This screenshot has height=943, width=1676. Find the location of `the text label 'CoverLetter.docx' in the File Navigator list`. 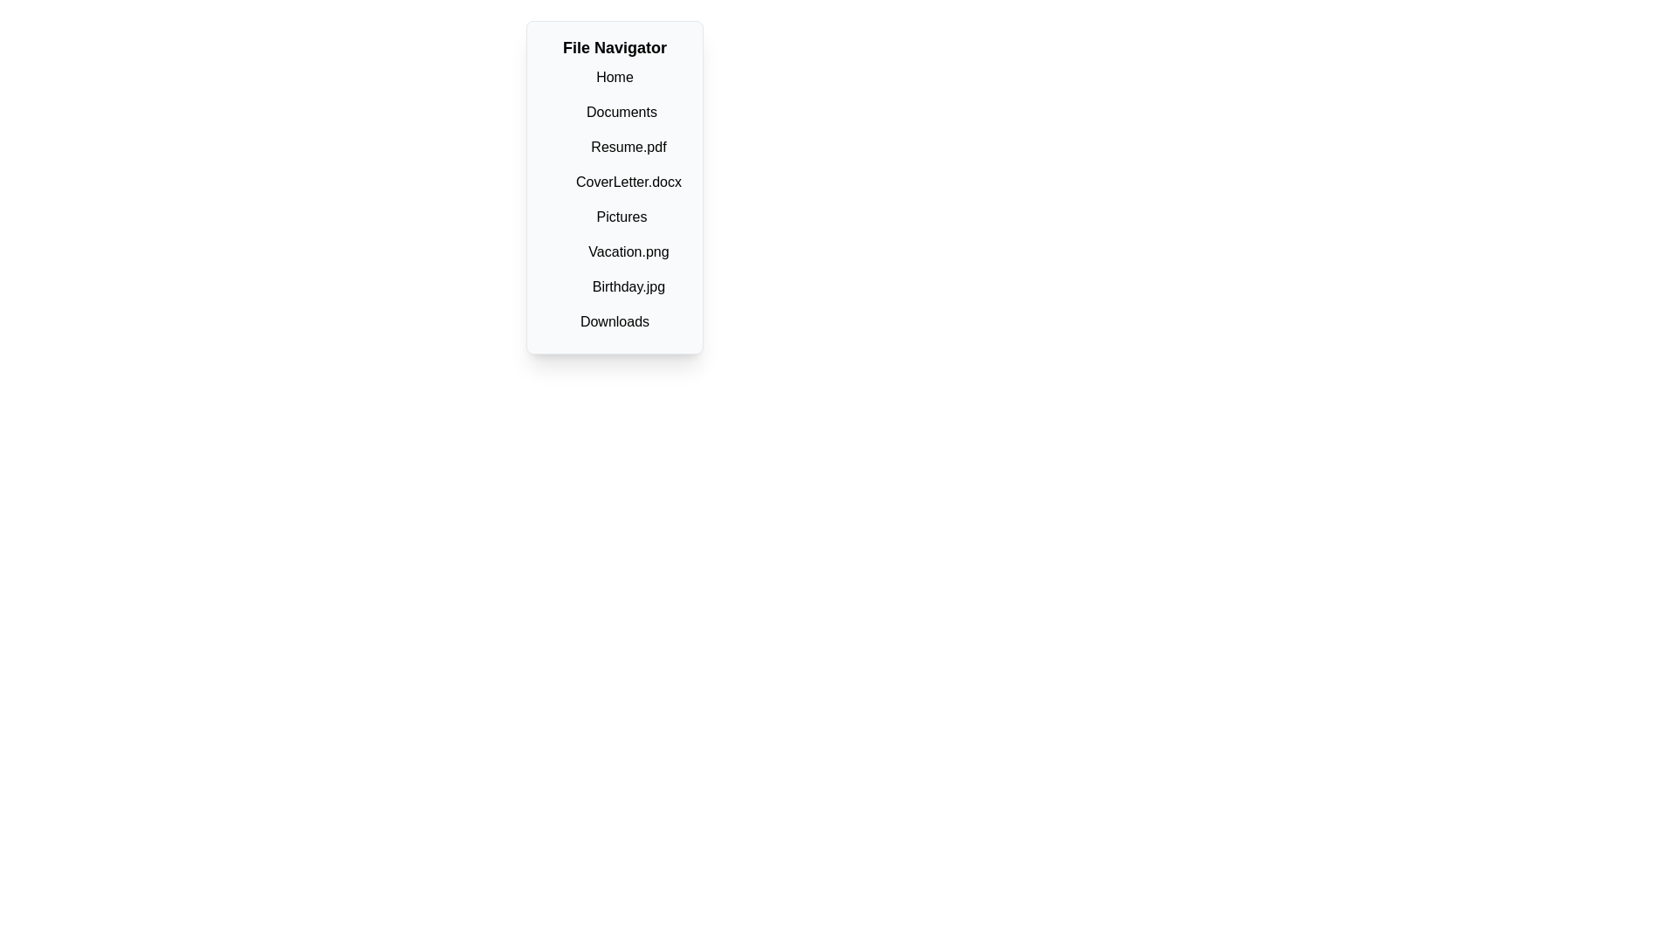

the text label 'CoverLetter.docx' in the File Navigator list is located at coordinates (628, 182).